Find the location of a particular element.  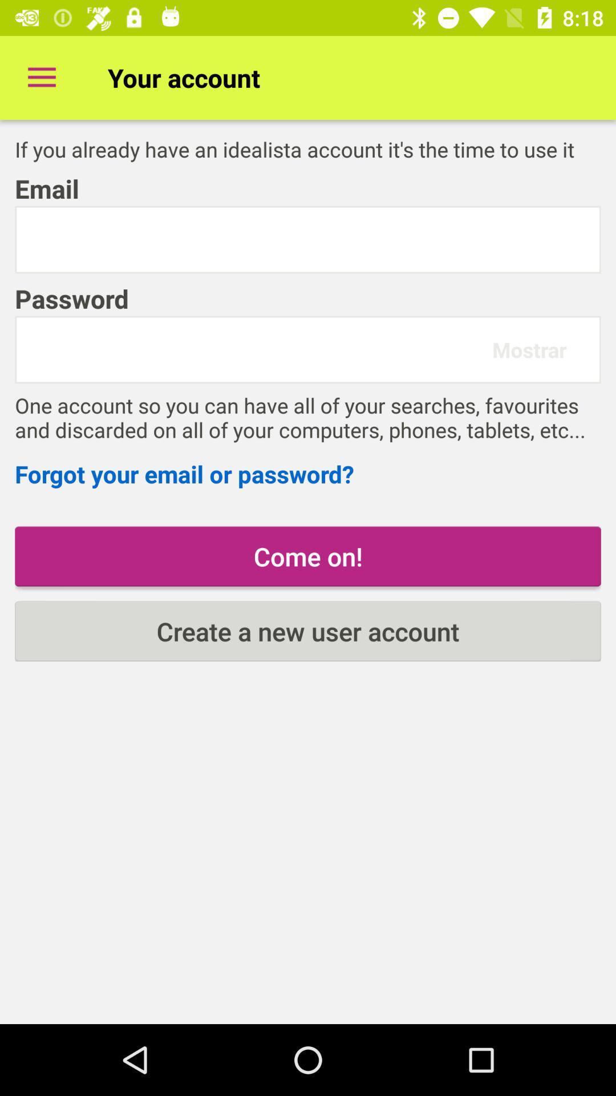

the icon at the top right corner is located at coordinates (529, 349).